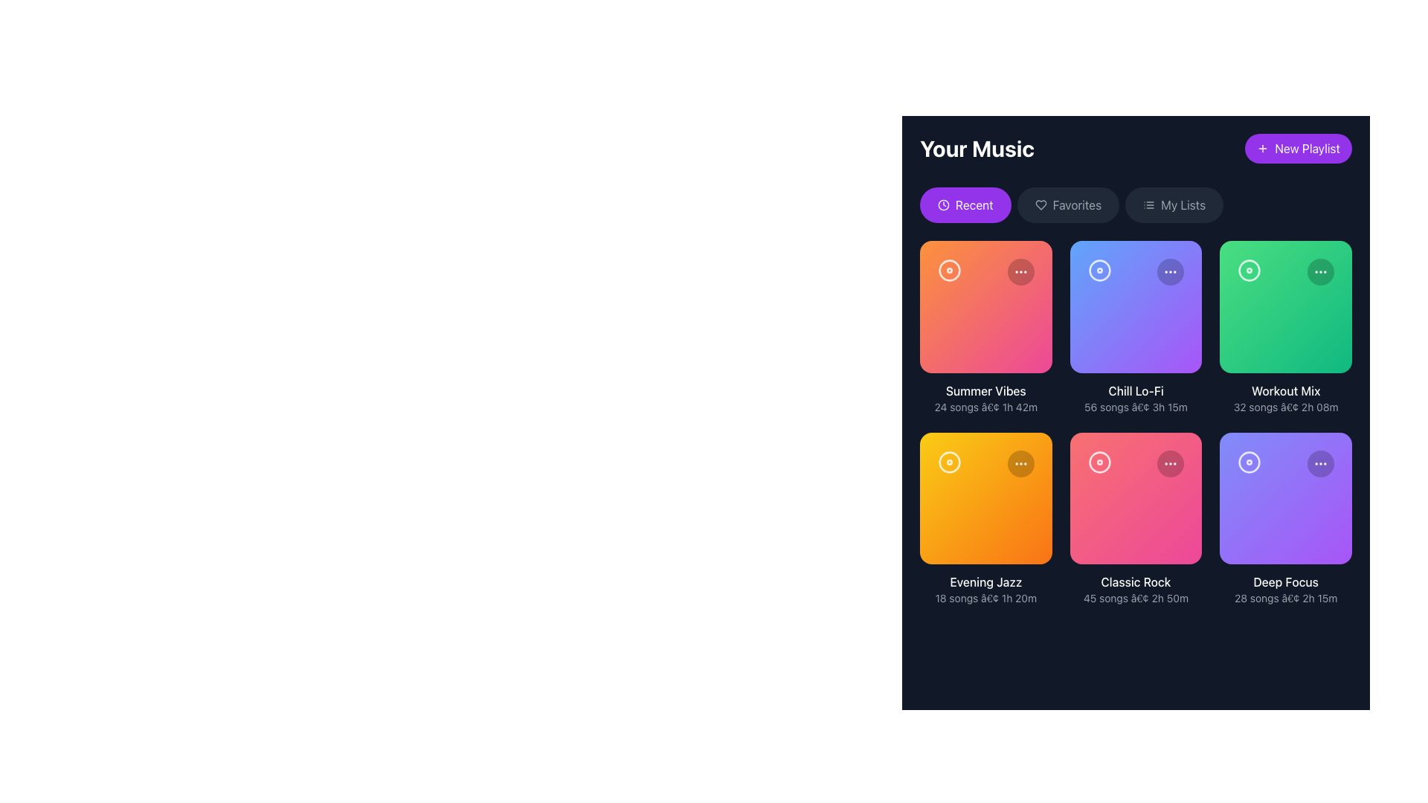 This screenshot has height=803, width=1428. Describe the element at coordinates (1249, 461) in the screenshot. I see `the icon located at the bottom-right of the 'Deep Focus' card, positioned centrally on the card, to the left of the three-dot context menu icon` at that location.